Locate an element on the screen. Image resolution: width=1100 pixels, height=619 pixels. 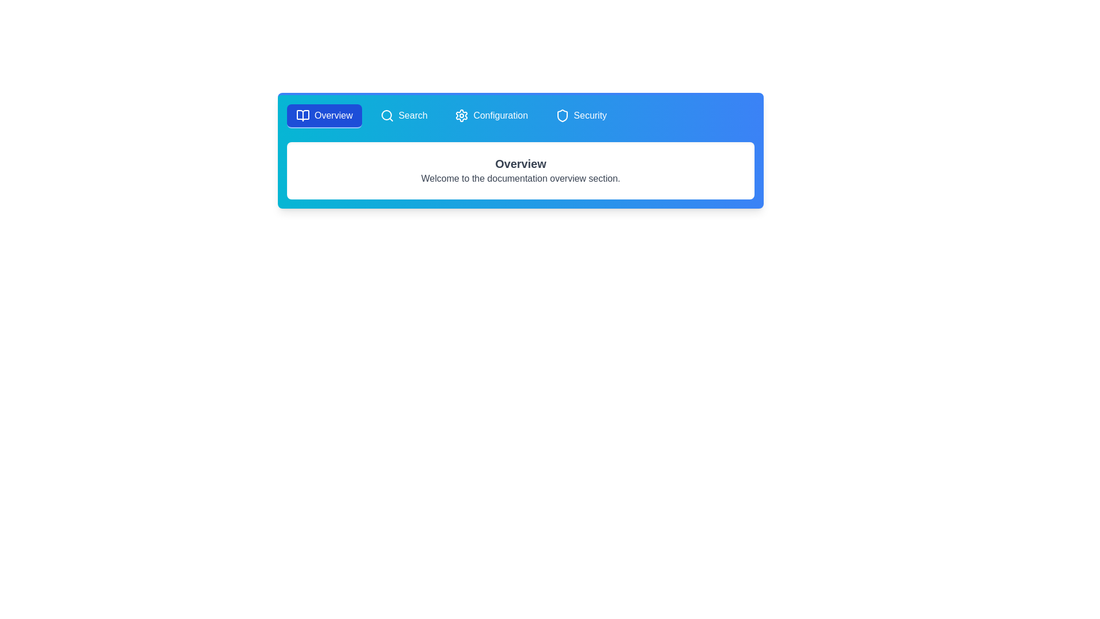
the 'Search' button, which is a rectangular light blue button with a magnifying glass icon on the left, to initiate the search is located at coordinates (404, 116).